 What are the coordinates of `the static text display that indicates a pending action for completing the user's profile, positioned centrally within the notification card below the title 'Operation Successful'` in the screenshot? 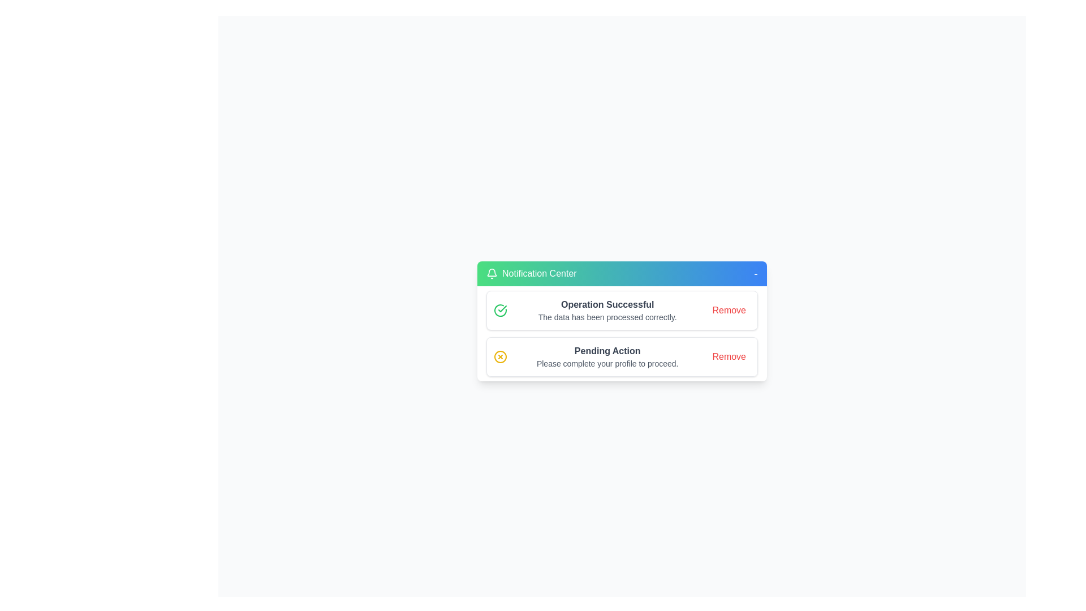 It's located at (607, 357).